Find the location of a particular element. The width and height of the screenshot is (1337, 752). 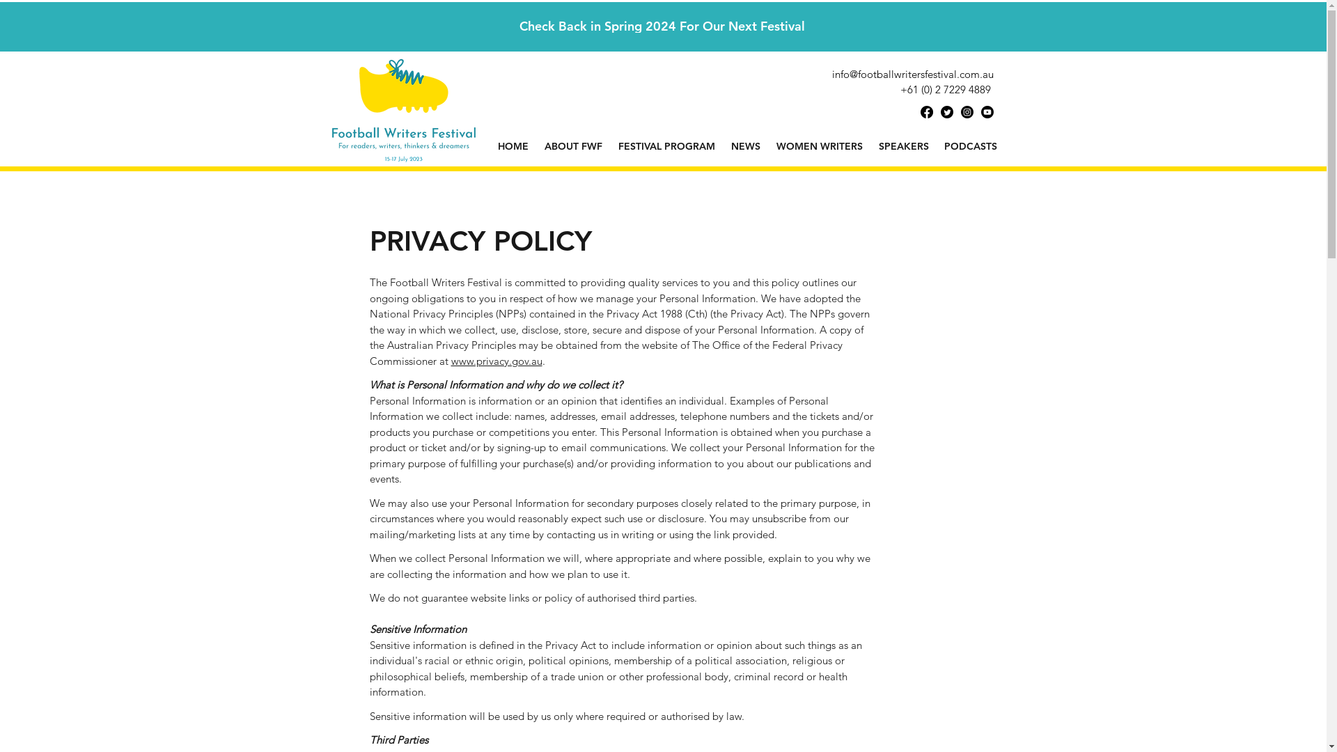

'FESTIVAL PROGRAM' is located at coordinates (665, 146).